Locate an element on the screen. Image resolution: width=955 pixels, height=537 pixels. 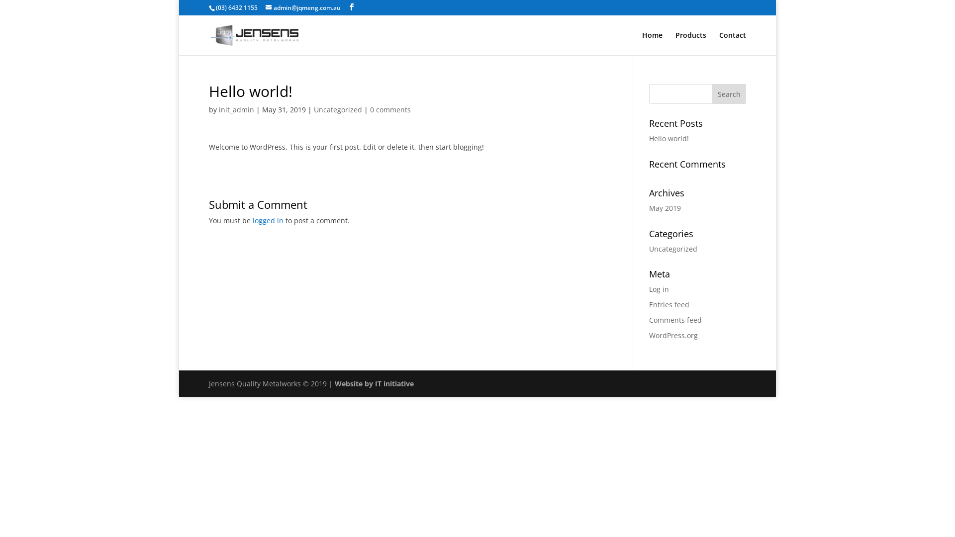
'admin@jqmeng.com.au' is located at coordinates (265, 7).